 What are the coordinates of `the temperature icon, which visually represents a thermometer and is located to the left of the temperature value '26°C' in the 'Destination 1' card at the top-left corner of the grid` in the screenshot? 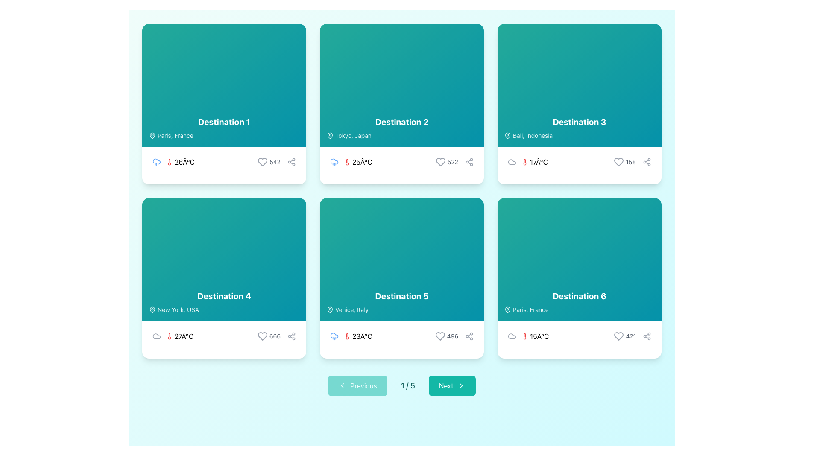 It's located at (170, 162).